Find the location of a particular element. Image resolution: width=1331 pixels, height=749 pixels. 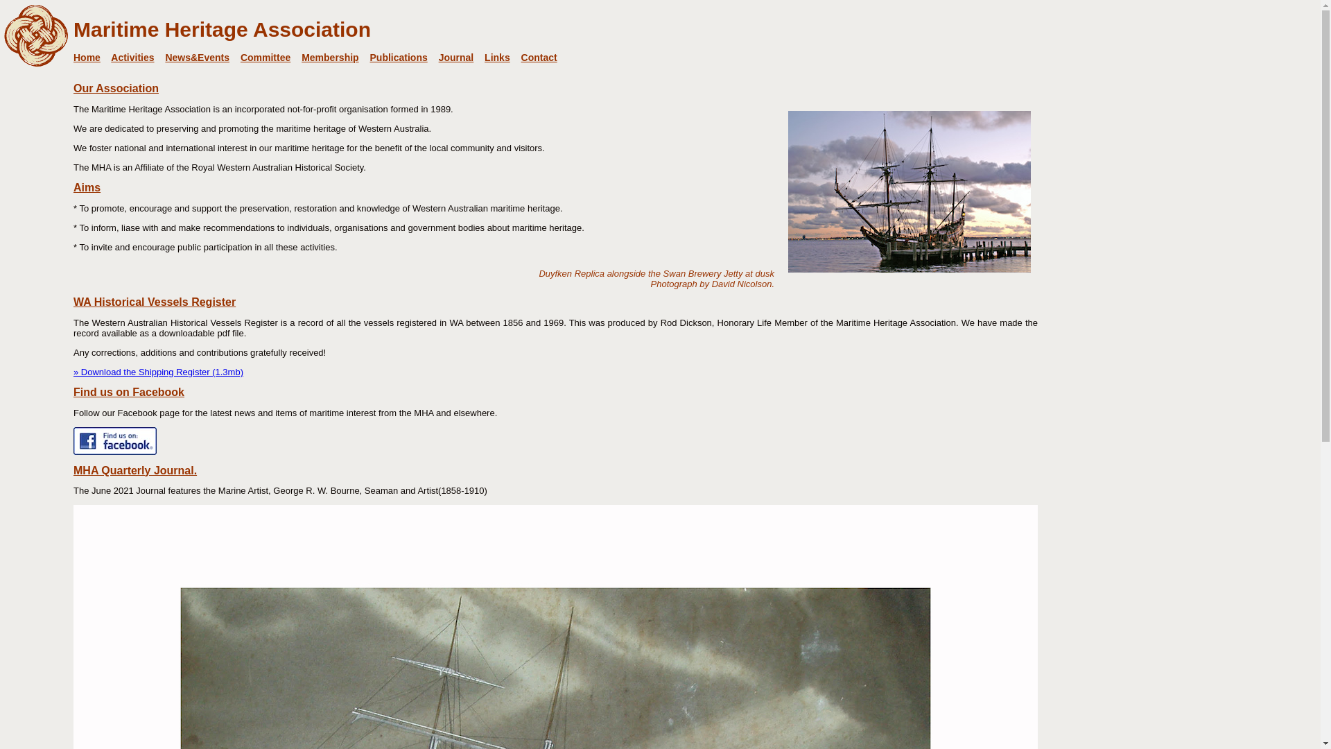

'Publications' is located at coordinates (369, 57).